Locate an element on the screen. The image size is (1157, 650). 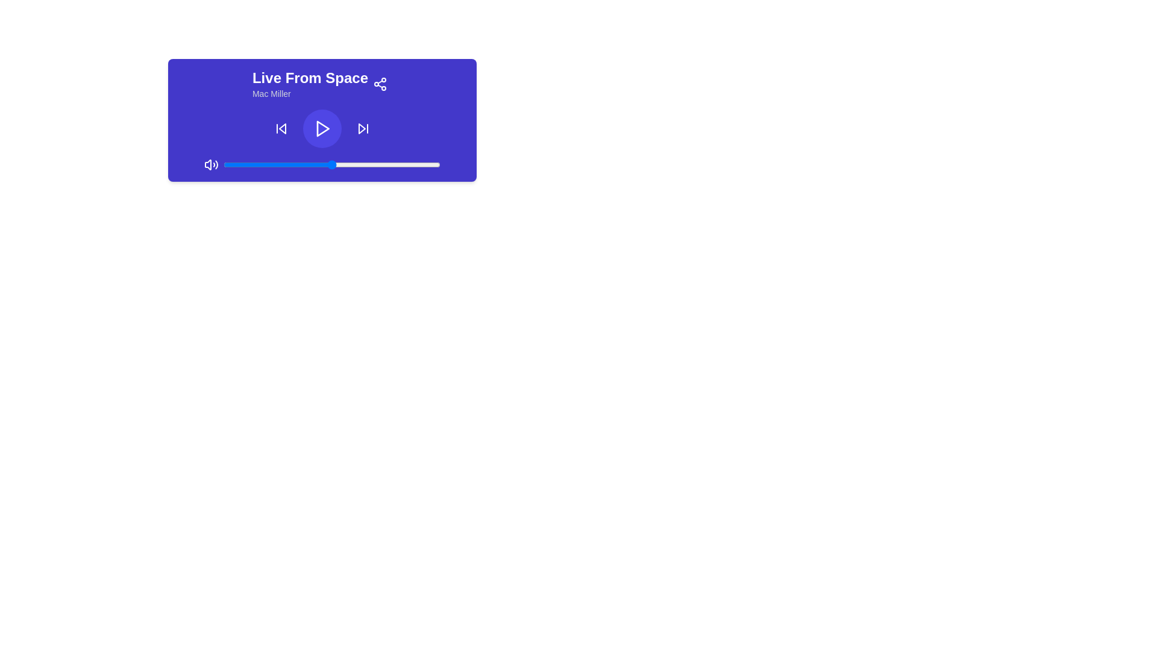
the 'Next' button, which is represented by a right-pointing double triangle icon with a thin, white stroke is located at coordinates (363, 128).